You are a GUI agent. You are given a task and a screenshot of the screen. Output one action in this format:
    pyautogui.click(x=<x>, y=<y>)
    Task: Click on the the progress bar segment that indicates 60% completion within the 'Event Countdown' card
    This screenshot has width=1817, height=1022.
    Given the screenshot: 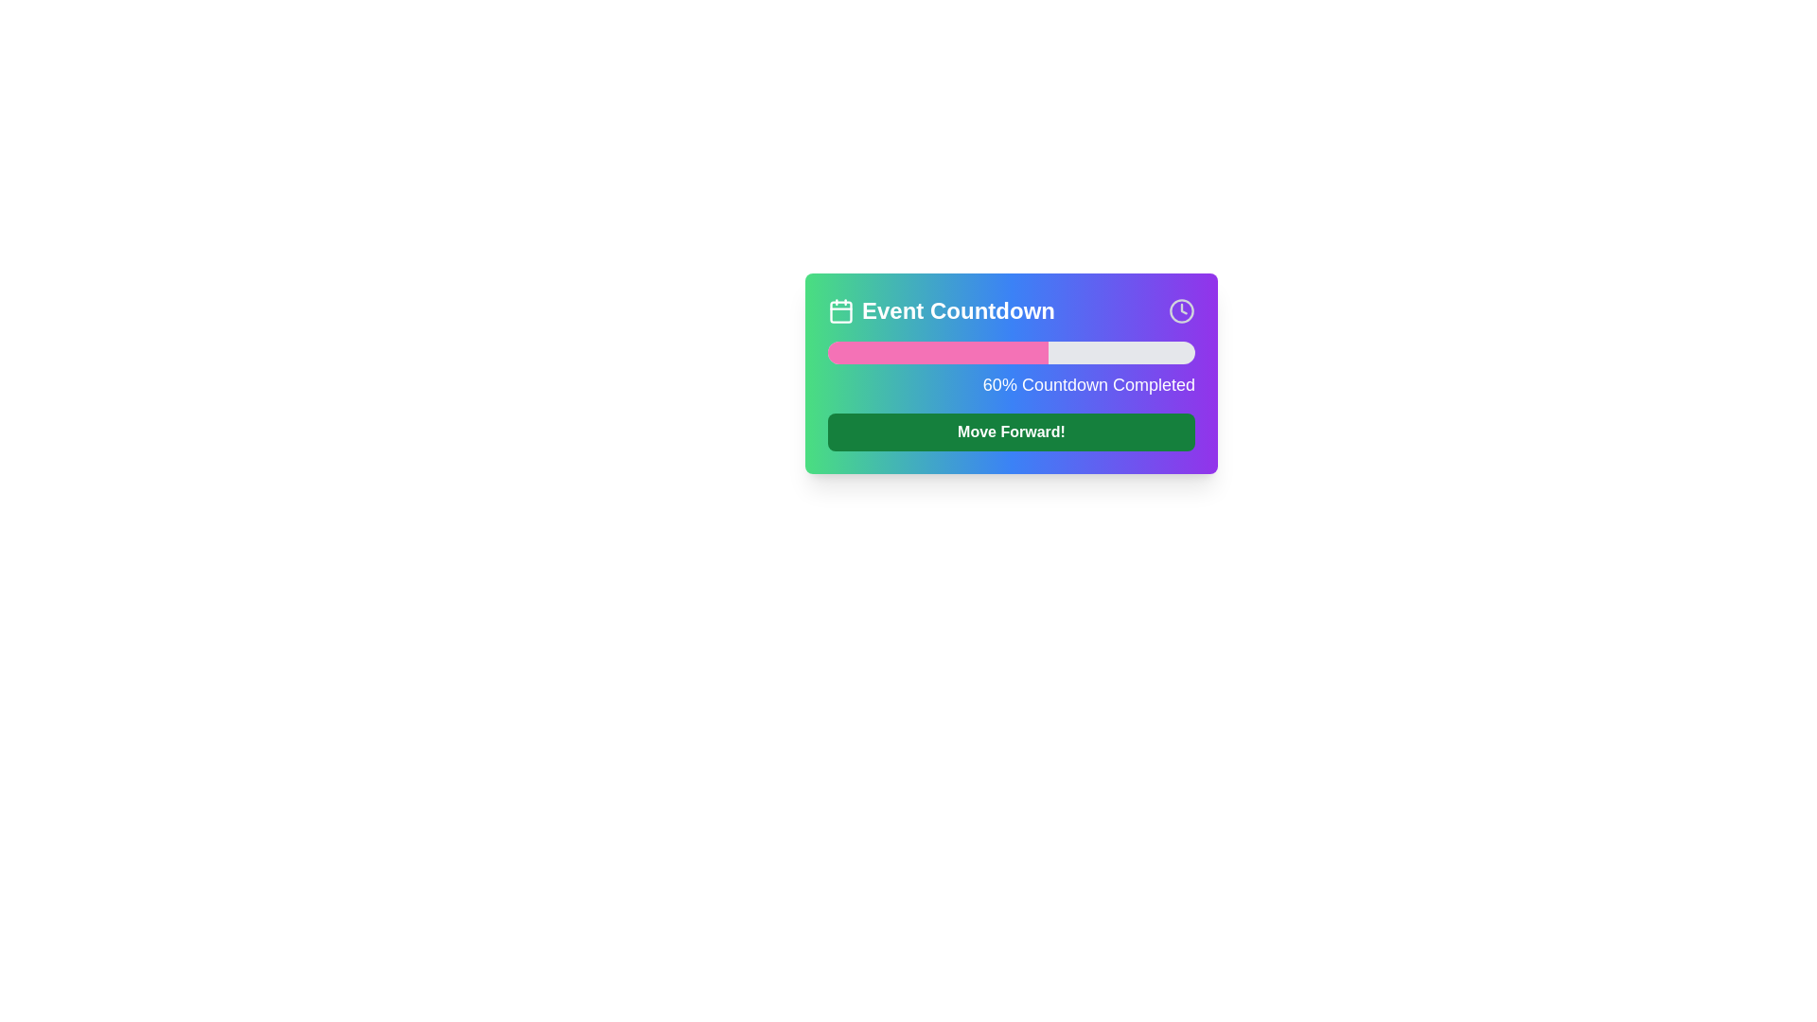 What is the action you would take?
    pyautogui.click(x=938, y=353)
    